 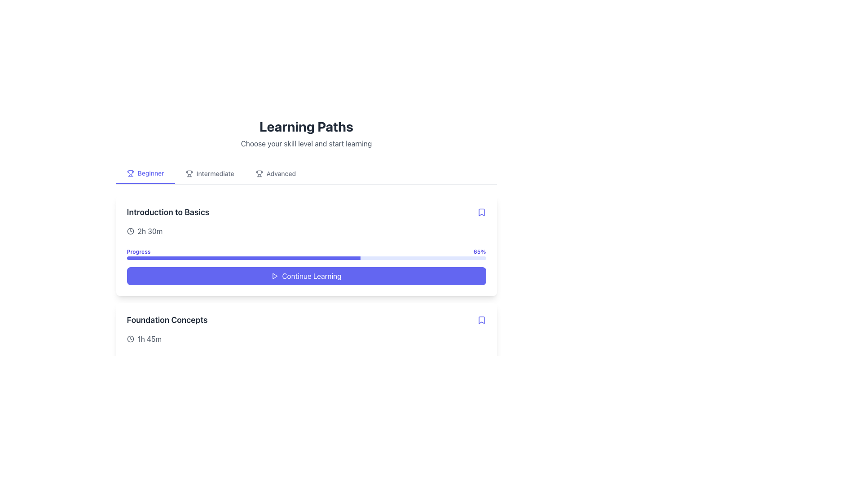 I want to click on the 'Continue Learning' button located in the bottom-right of the 'Introduction to Basics' card within the 'Learning Paths' section to initiate the learning process, so click(x=312, y=275).